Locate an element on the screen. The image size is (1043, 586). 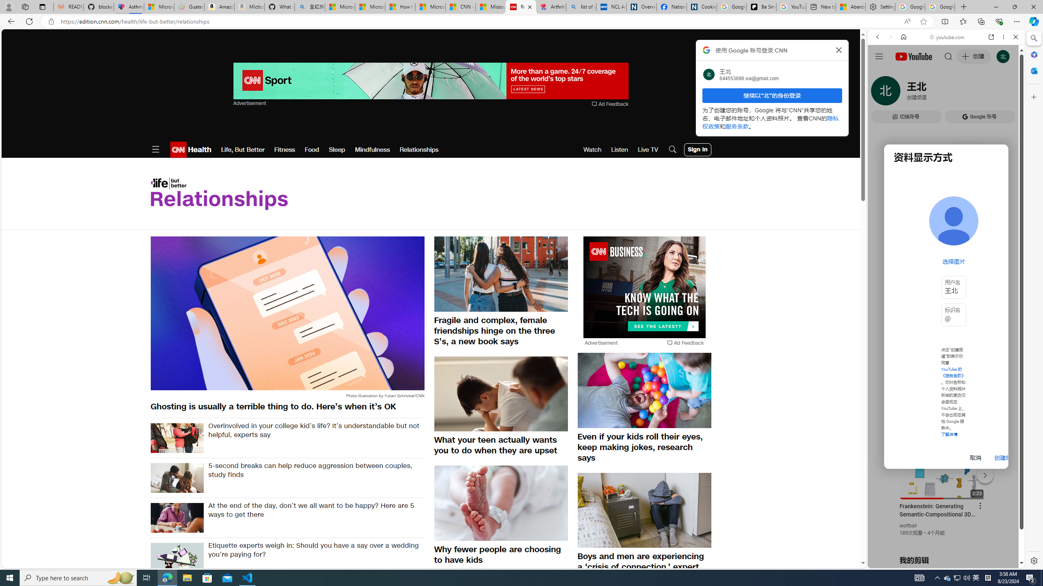
'Music' is located at coordinates (945, 221).